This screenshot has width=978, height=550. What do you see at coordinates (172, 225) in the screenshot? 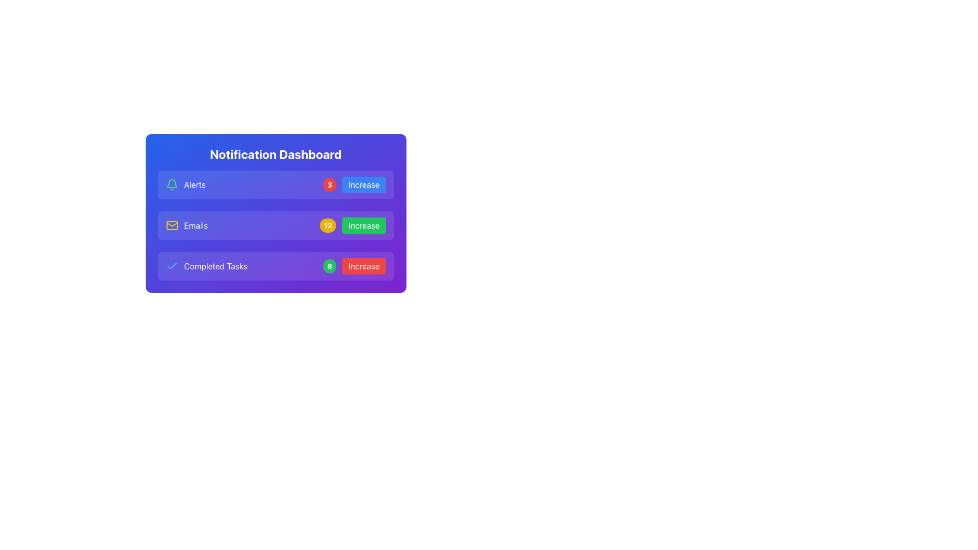
I see `the rectangular structure representing the 'Emails' section of the mail icon in the notification dashboard` at bounding box center [172, 225].